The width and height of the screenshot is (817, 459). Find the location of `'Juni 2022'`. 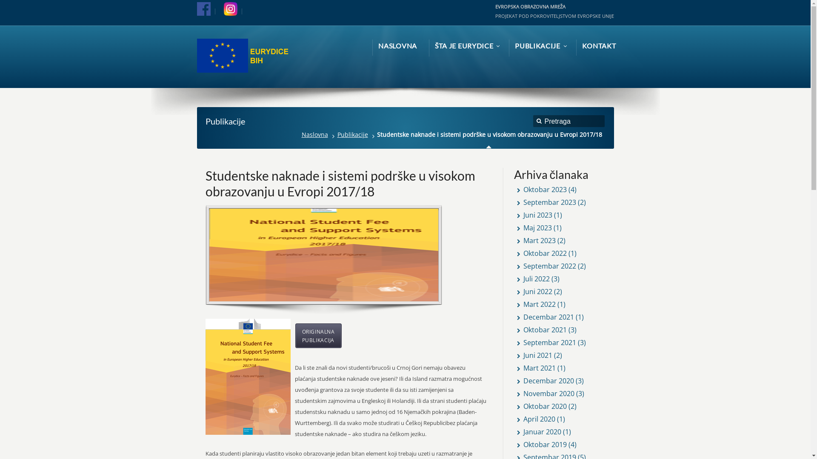

'Juni 2022' is located at coordinates (537, 291).